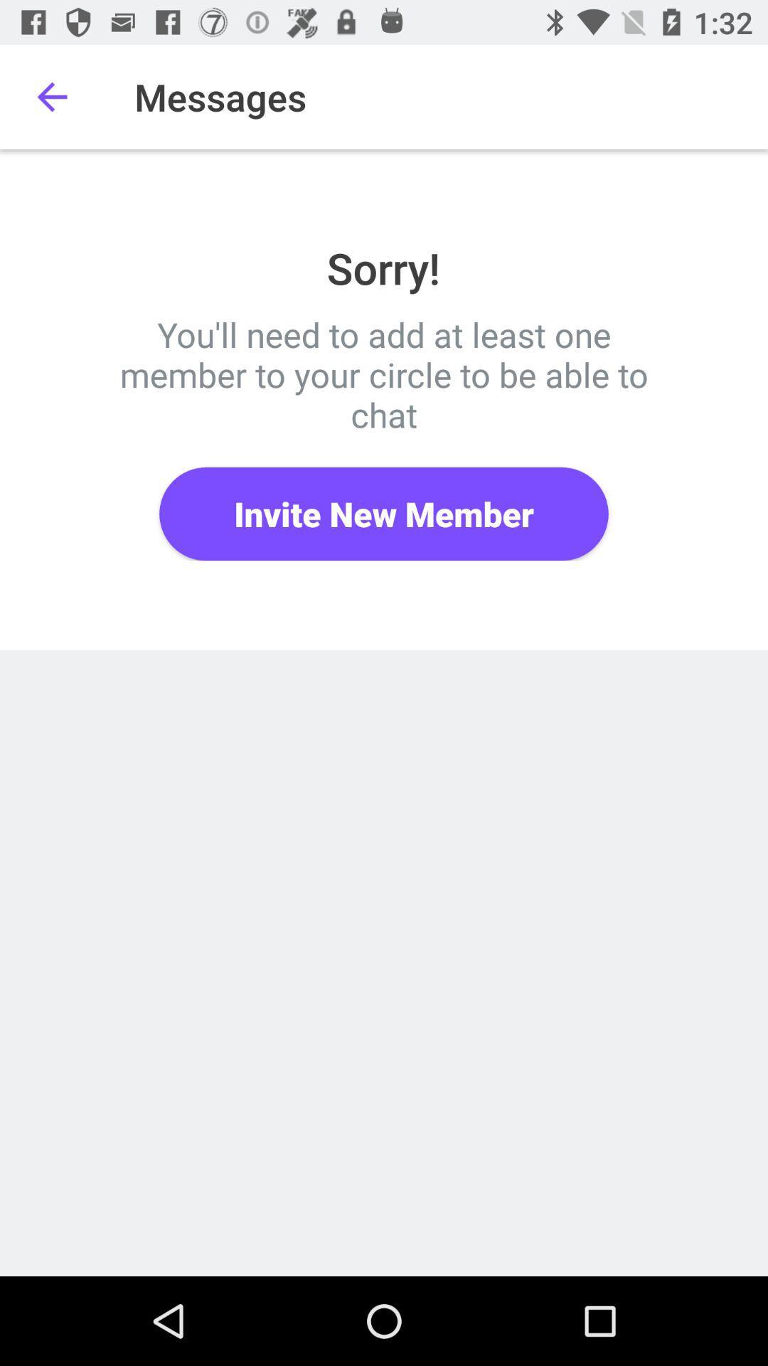 The width and height of the screenshot is (768, 1366). I want to click on the item at the center, so click(384, 513).